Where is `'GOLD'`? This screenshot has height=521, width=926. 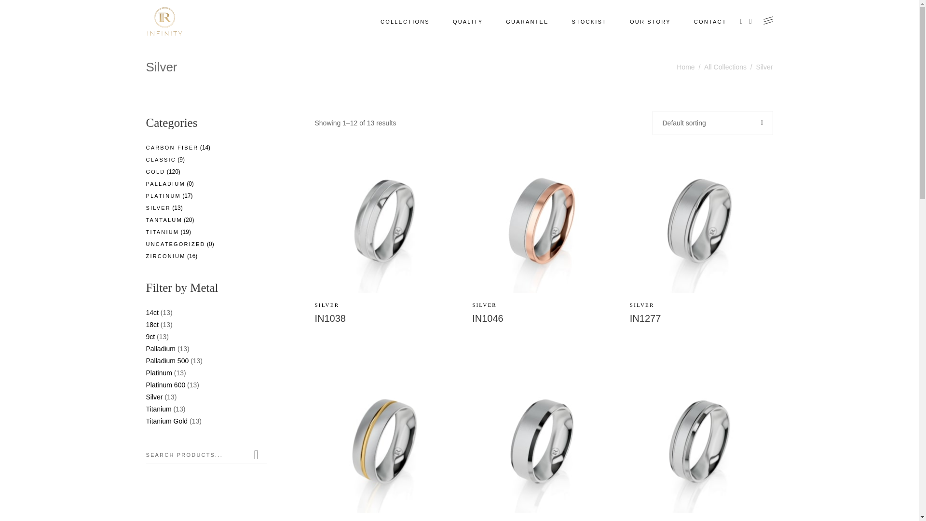
'GOLD' is located at coordinates (145, 171).